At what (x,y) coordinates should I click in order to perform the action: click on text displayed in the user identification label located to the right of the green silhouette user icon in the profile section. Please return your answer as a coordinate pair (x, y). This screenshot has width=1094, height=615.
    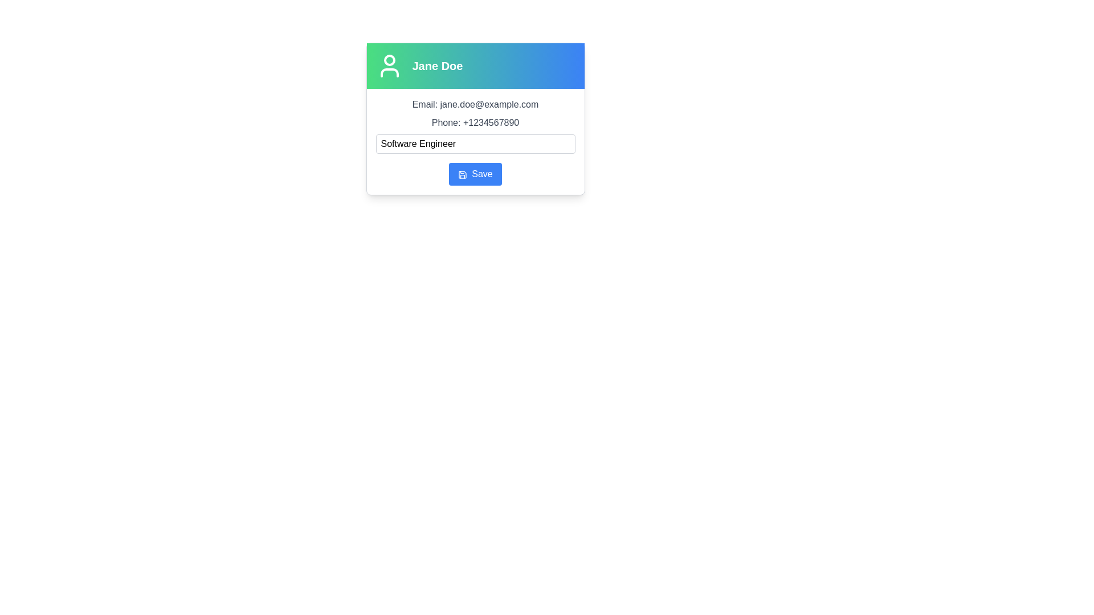
    Looking at the image, I should click on (437, 65).